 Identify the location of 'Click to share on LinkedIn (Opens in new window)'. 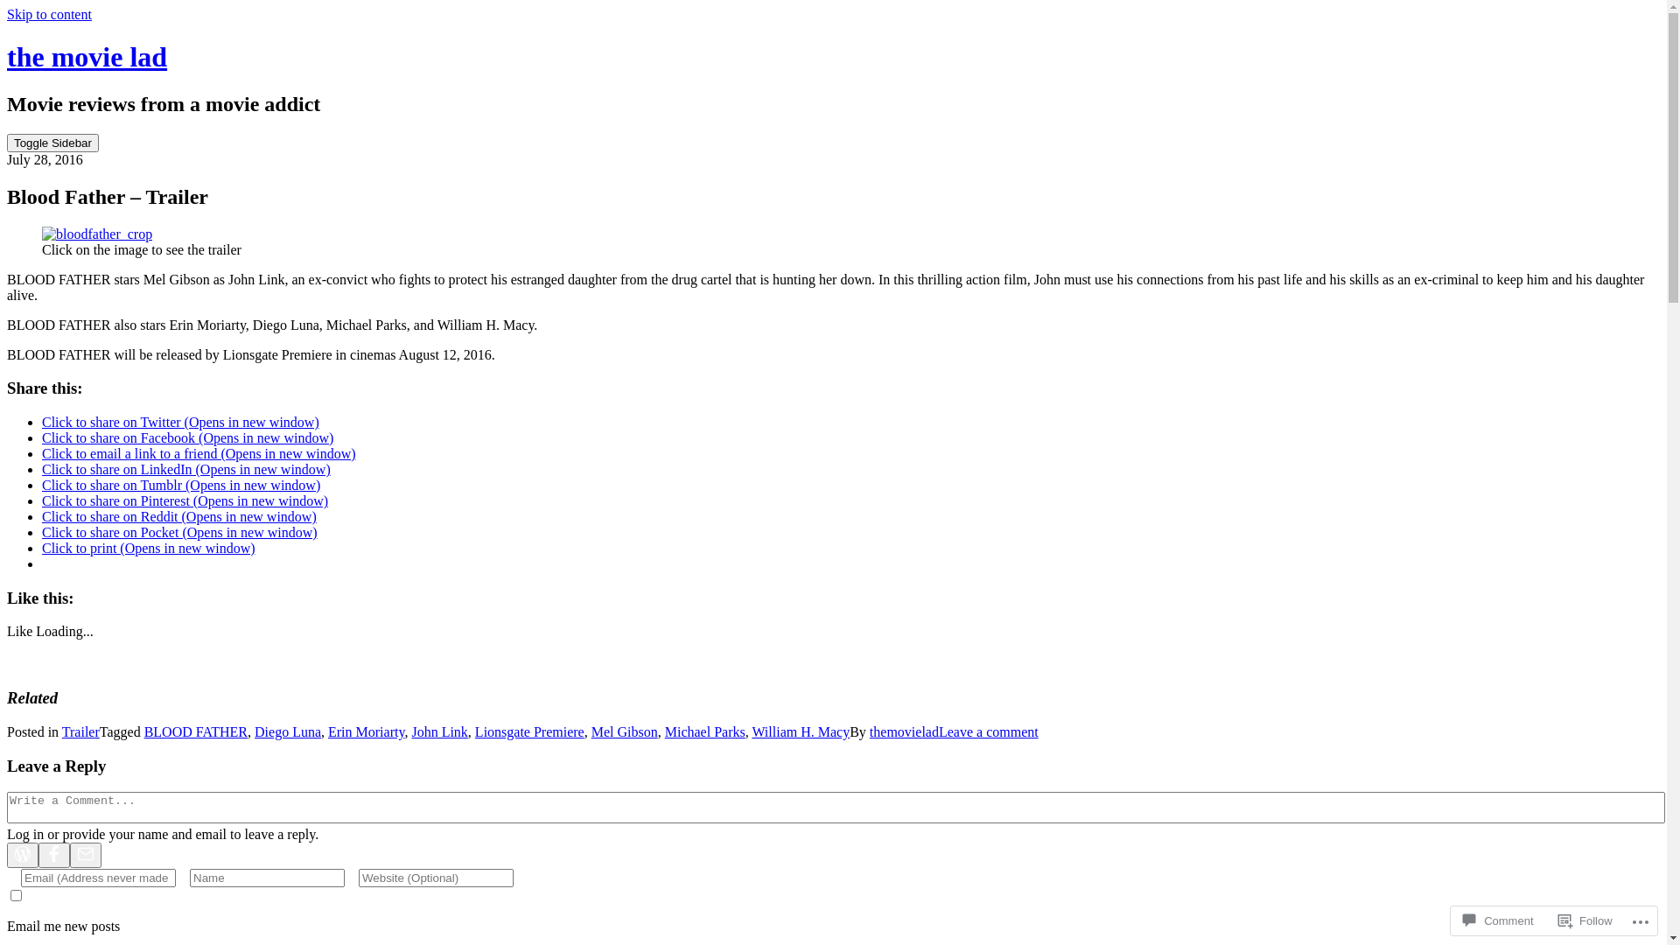
(185, 468).